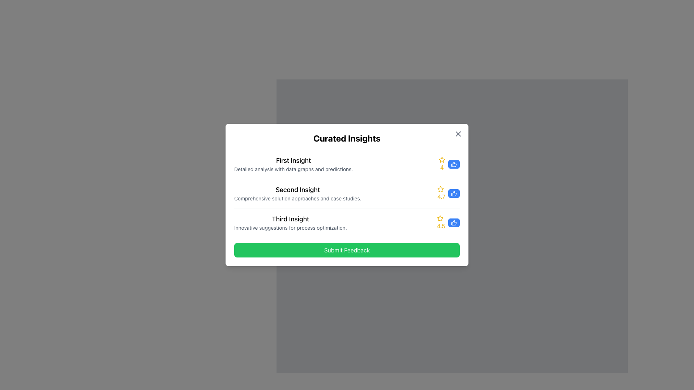 The height and width of the screenshot is (390, 694). Describe the element at coordinates (442, 160) in the screenshot. I see `the rating icon located in the curated insights panel for the 'First Insight', positioned between the label and the numerical rating indicator '4'` at that location.